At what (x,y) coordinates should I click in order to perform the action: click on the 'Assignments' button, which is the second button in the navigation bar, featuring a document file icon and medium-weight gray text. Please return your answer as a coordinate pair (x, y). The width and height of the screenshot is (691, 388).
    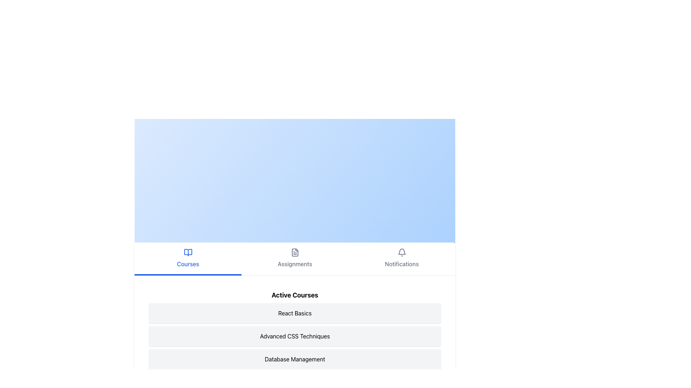
    Looking at the image, I should click on (295, 259).